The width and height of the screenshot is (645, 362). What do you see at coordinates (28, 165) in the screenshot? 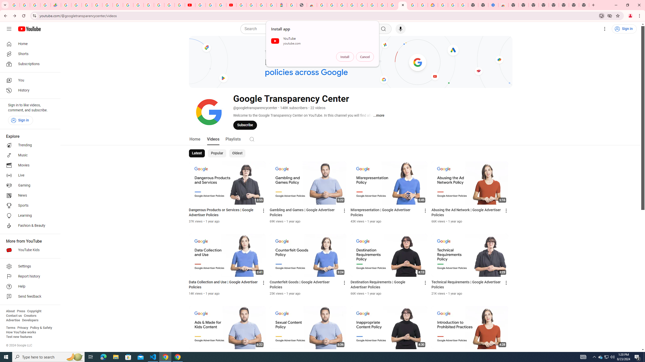
I see `'Movies'` at bounding box center [28, 165].